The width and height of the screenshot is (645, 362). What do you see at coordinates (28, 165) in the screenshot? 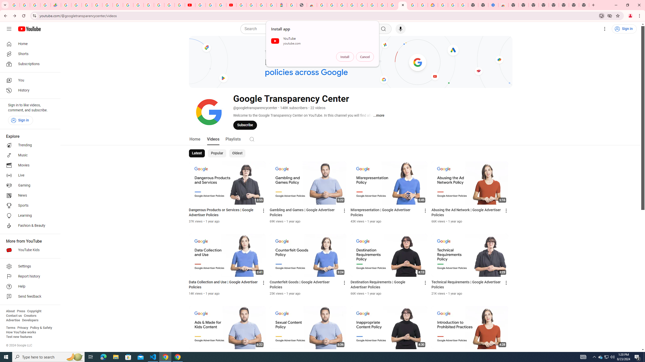
I see `'Movies'` at bounding box center [28, 165].